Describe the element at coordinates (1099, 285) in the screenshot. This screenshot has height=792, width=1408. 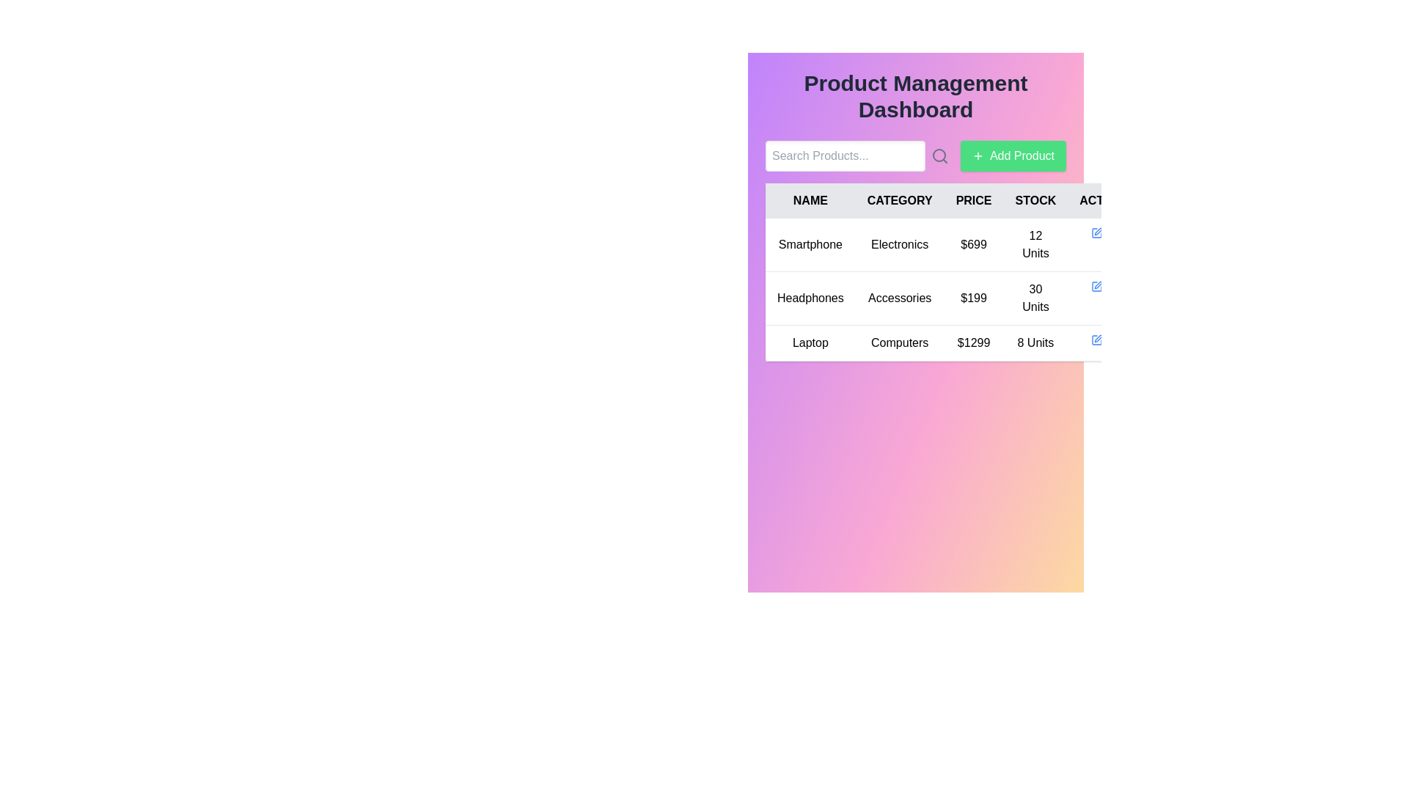
I see `the pen icon located in the 'Actions' column of the table row for 'Headphones' to initiate the editing process` at that location.